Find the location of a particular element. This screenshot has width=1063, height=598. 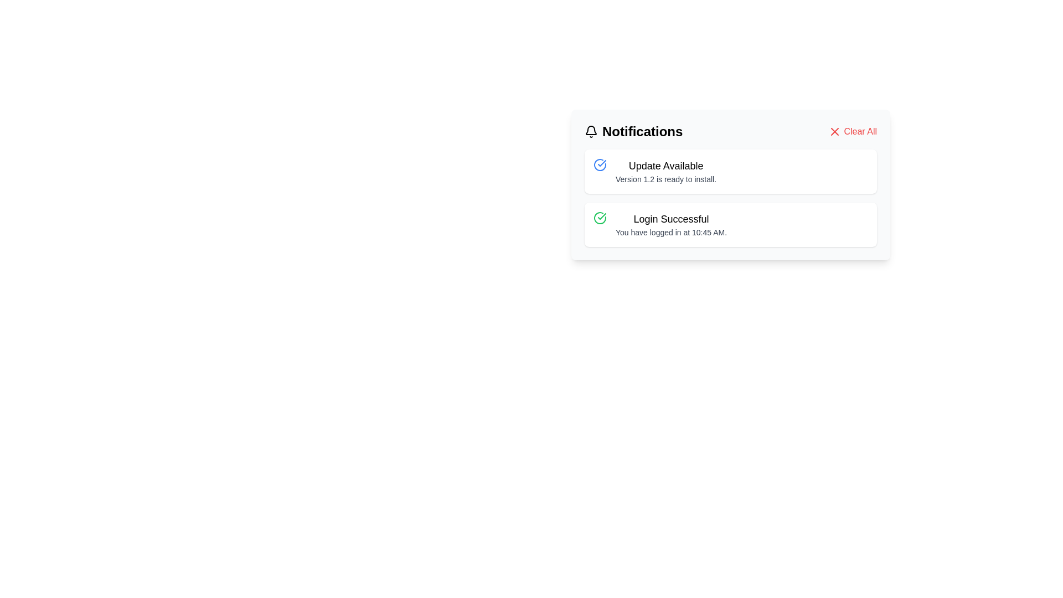

the green circular check icon located in the notification area next to 'Login Successful' is located at coordinates (600, 218).